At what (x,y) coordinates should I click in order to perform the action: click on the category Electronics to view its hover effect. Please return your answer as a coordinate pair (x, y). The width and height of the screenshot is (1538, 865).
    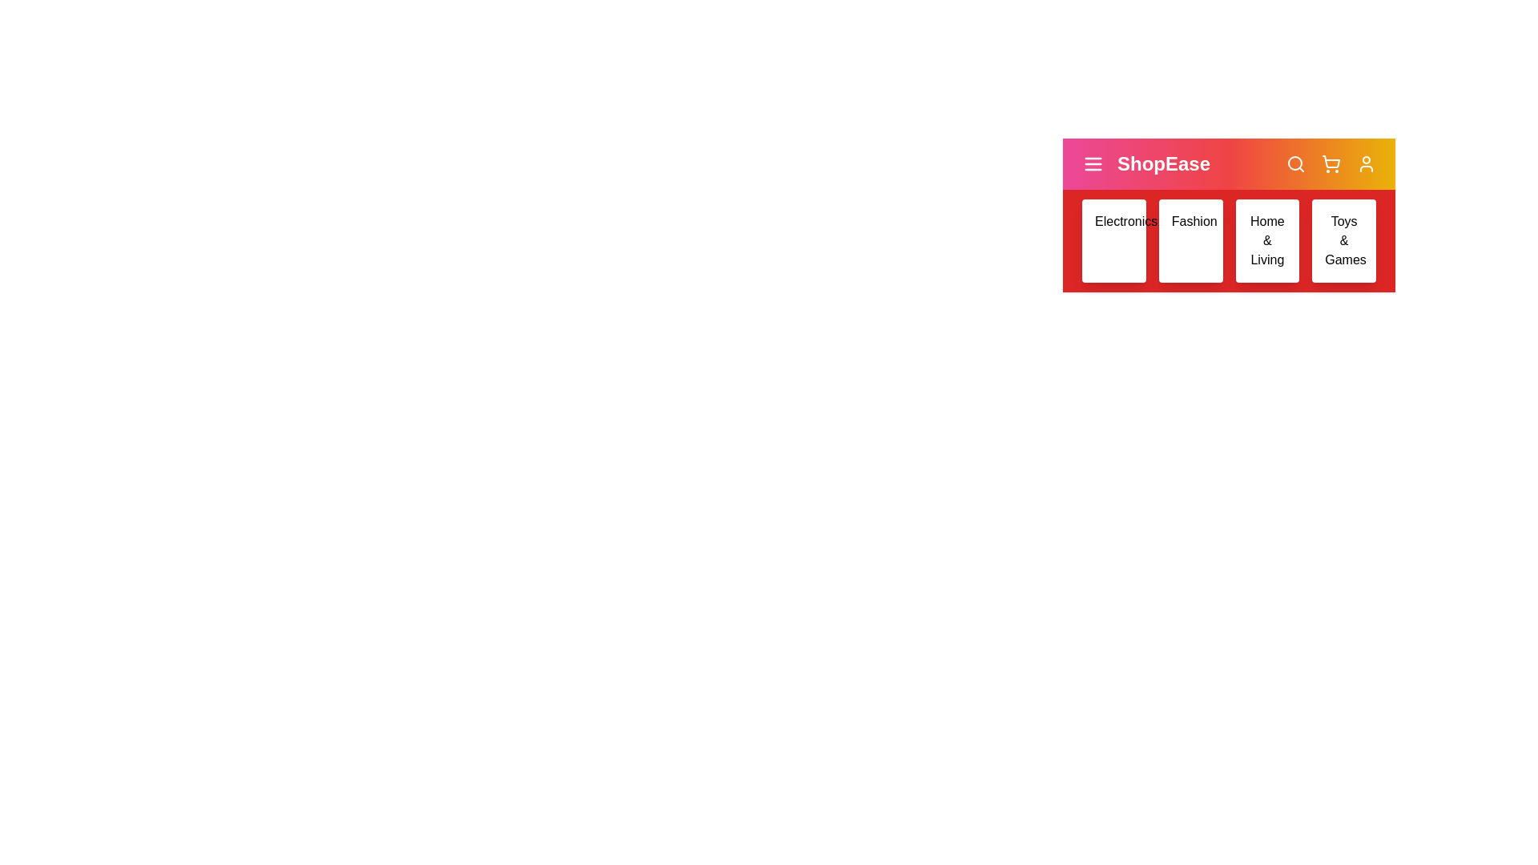
    Looking at the image, I should click on (1113, 240).